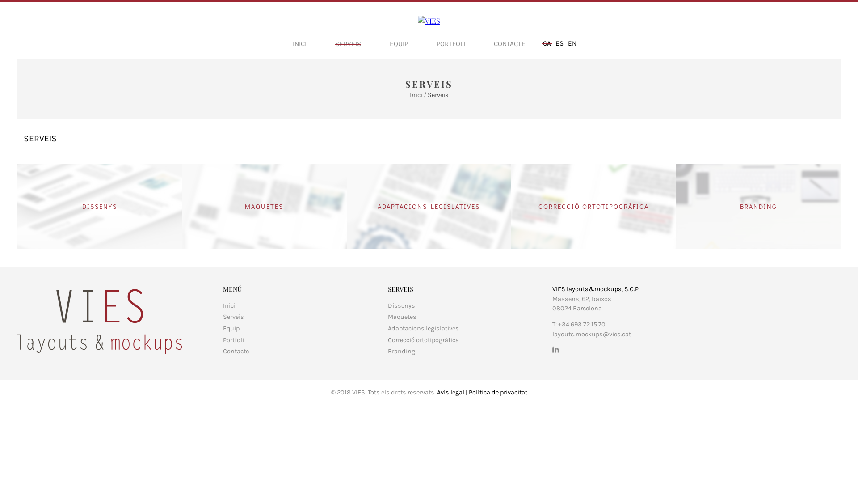 The height and width of the screenshot is (483, 858). What do you see at coordinates (233, 340) in the screenshot?
I see `'Portfoli'` at bounding box center [233, 340].